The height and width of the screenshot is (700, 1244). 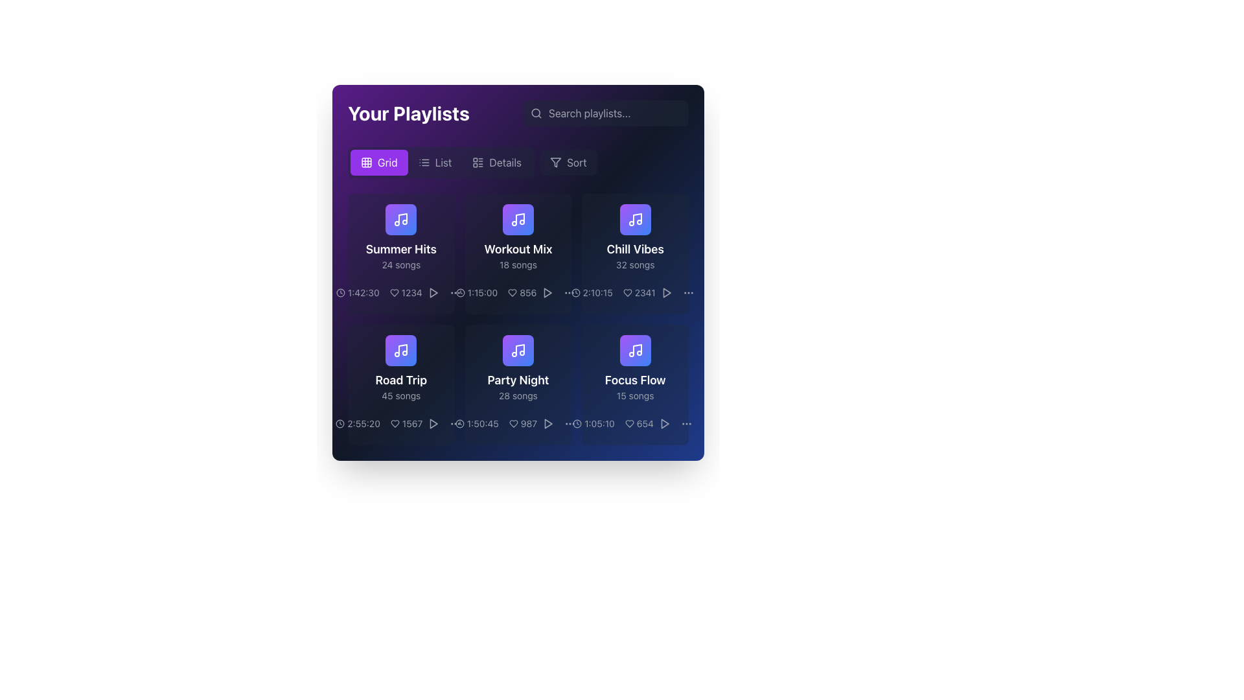 What do you see at coordinates (635, 219) in the screenshot?
I see `the Decorative Icon featuring a gradient background and a white music note symbol located in the top row, third column of the playlist grid` at bounding box center [635, 219].